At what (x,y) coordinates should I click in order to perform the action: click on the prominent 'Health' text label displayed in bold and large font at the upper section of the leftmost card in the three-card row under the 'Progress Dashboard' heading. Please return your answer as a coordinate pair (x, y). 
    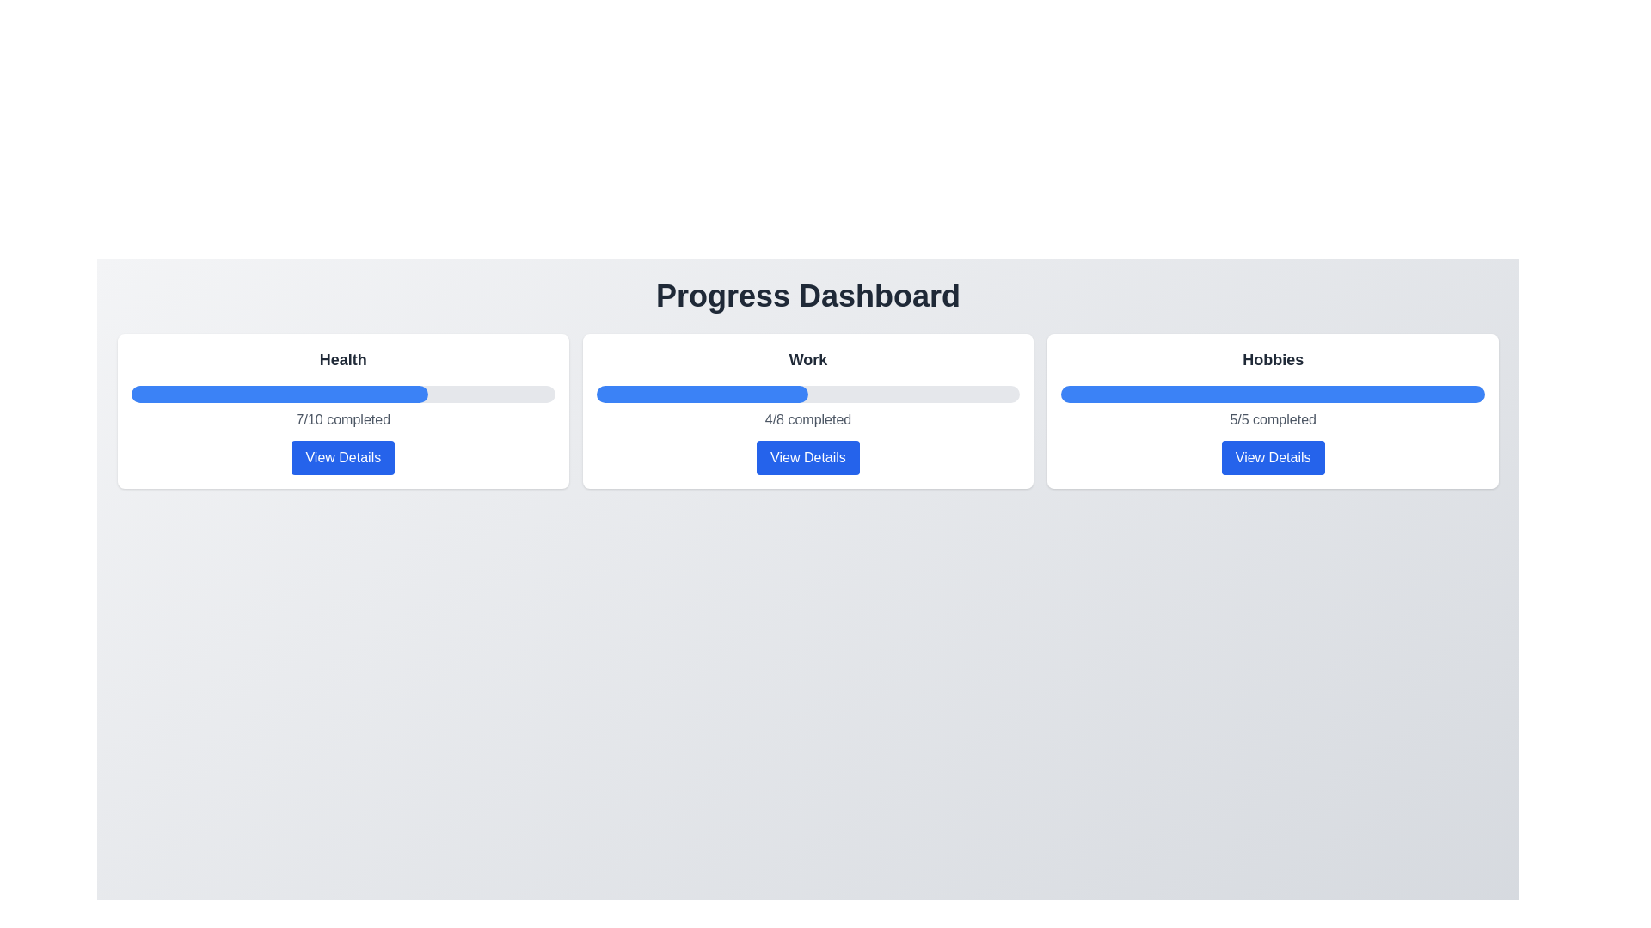
    Looking at the image, I should click on (343, 359).